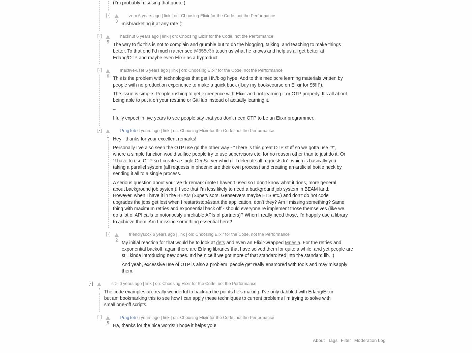 The height and width of the screenshot is (353, 472). I want to click on 'inactive-user', so click(132, 70).